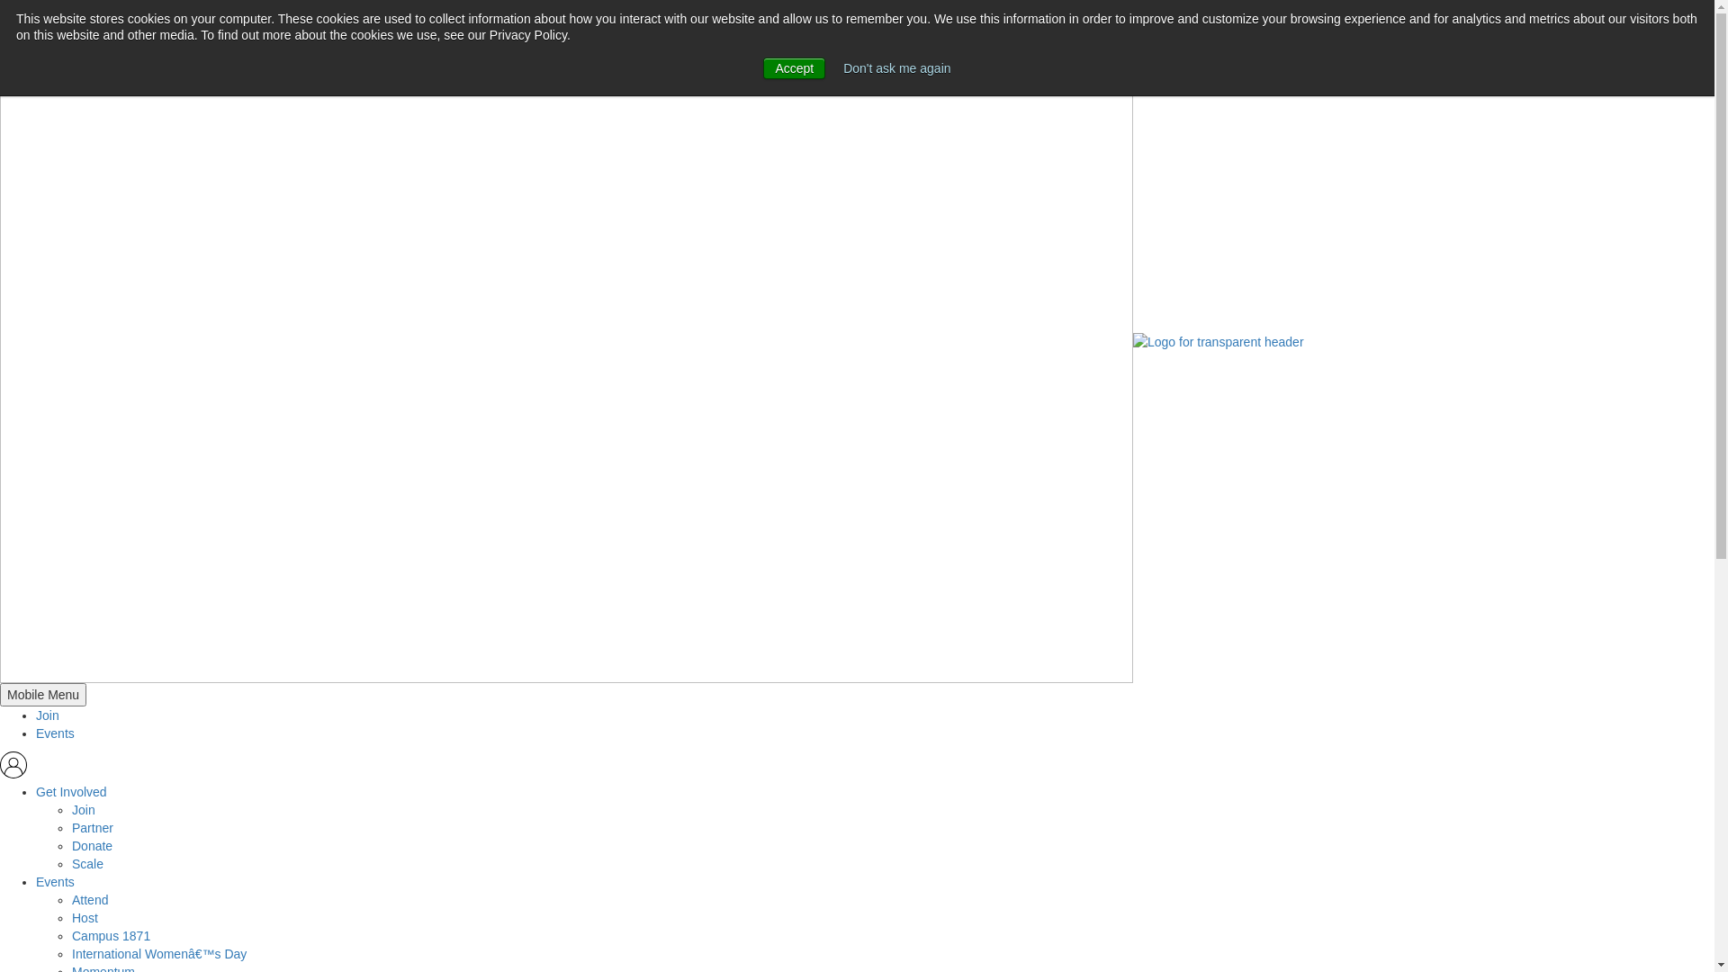 This screenshot has height=972, width=1728. I want to click on 'Events', so click(55, 880).